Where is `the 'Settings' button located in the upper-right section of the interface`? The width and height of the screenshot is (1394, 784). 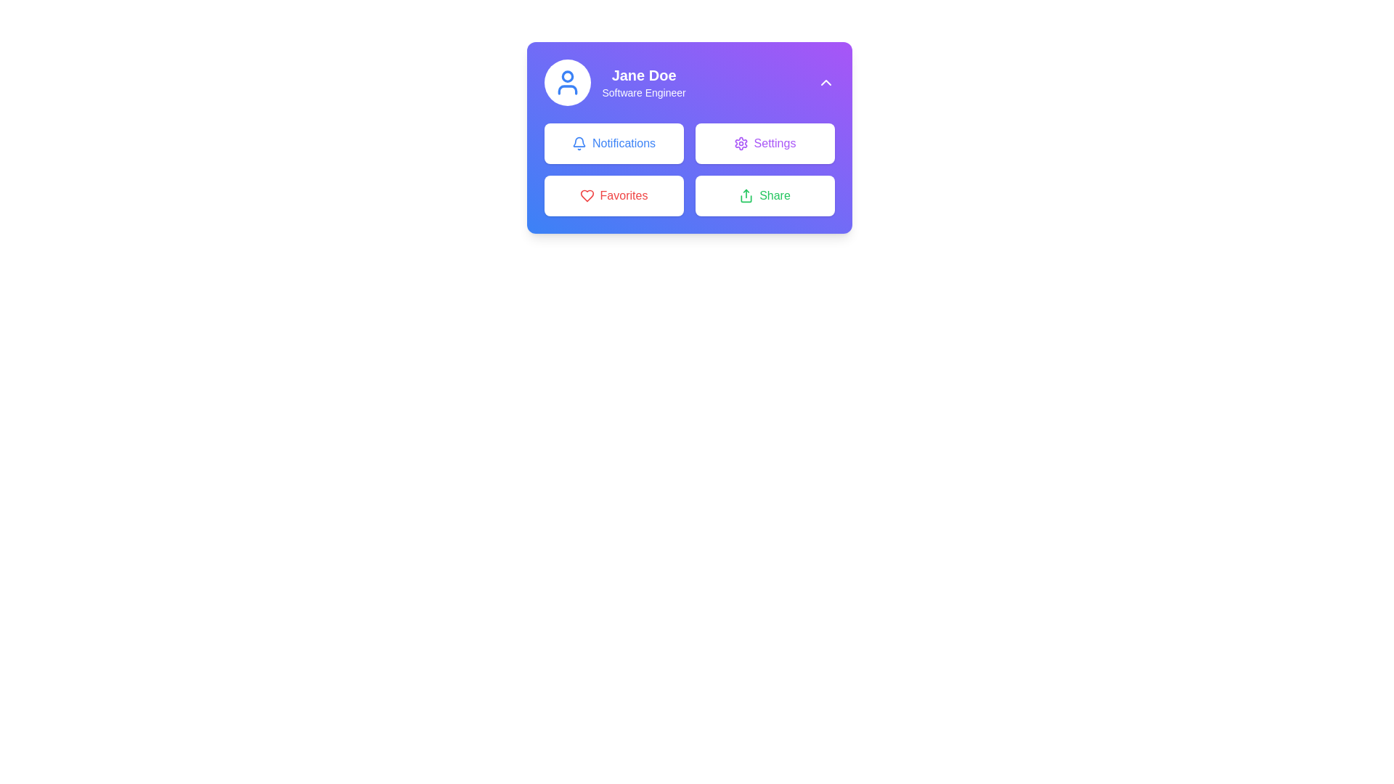 the 'Settings' button located in the upper-right section of the interface is located at coordinates (764, 143).